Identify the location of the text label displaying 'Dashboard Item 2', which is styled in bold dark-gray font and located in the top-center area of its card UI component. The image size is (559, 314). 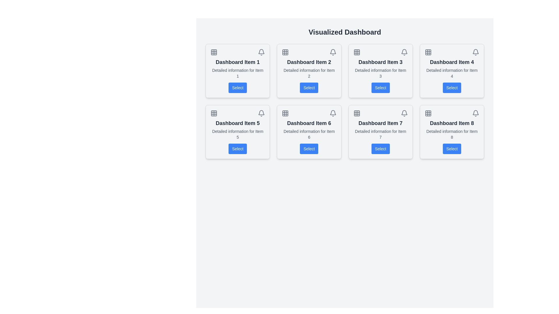
(309, 62).